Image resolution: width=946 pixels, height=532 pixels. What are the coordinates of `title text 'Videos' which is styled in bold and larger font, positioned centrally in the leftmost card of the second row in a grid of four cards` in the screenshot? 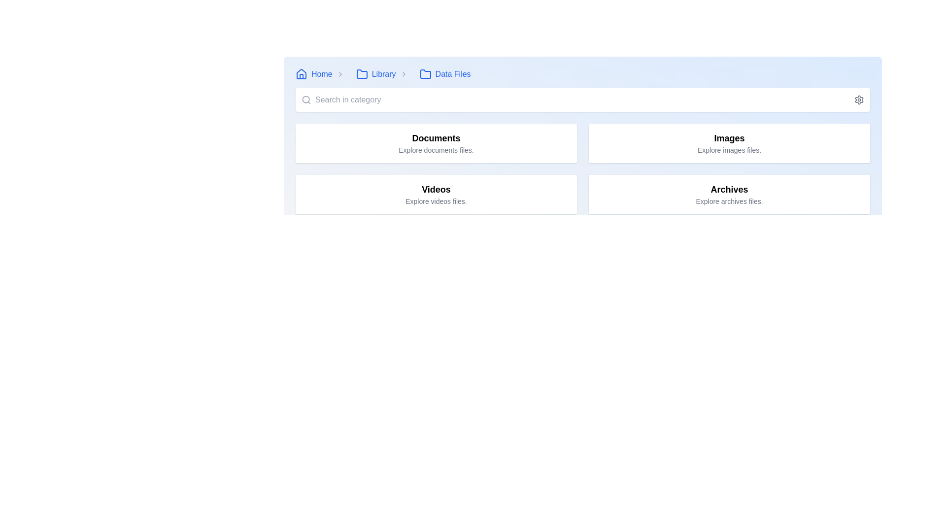 It's located at (436, 190).